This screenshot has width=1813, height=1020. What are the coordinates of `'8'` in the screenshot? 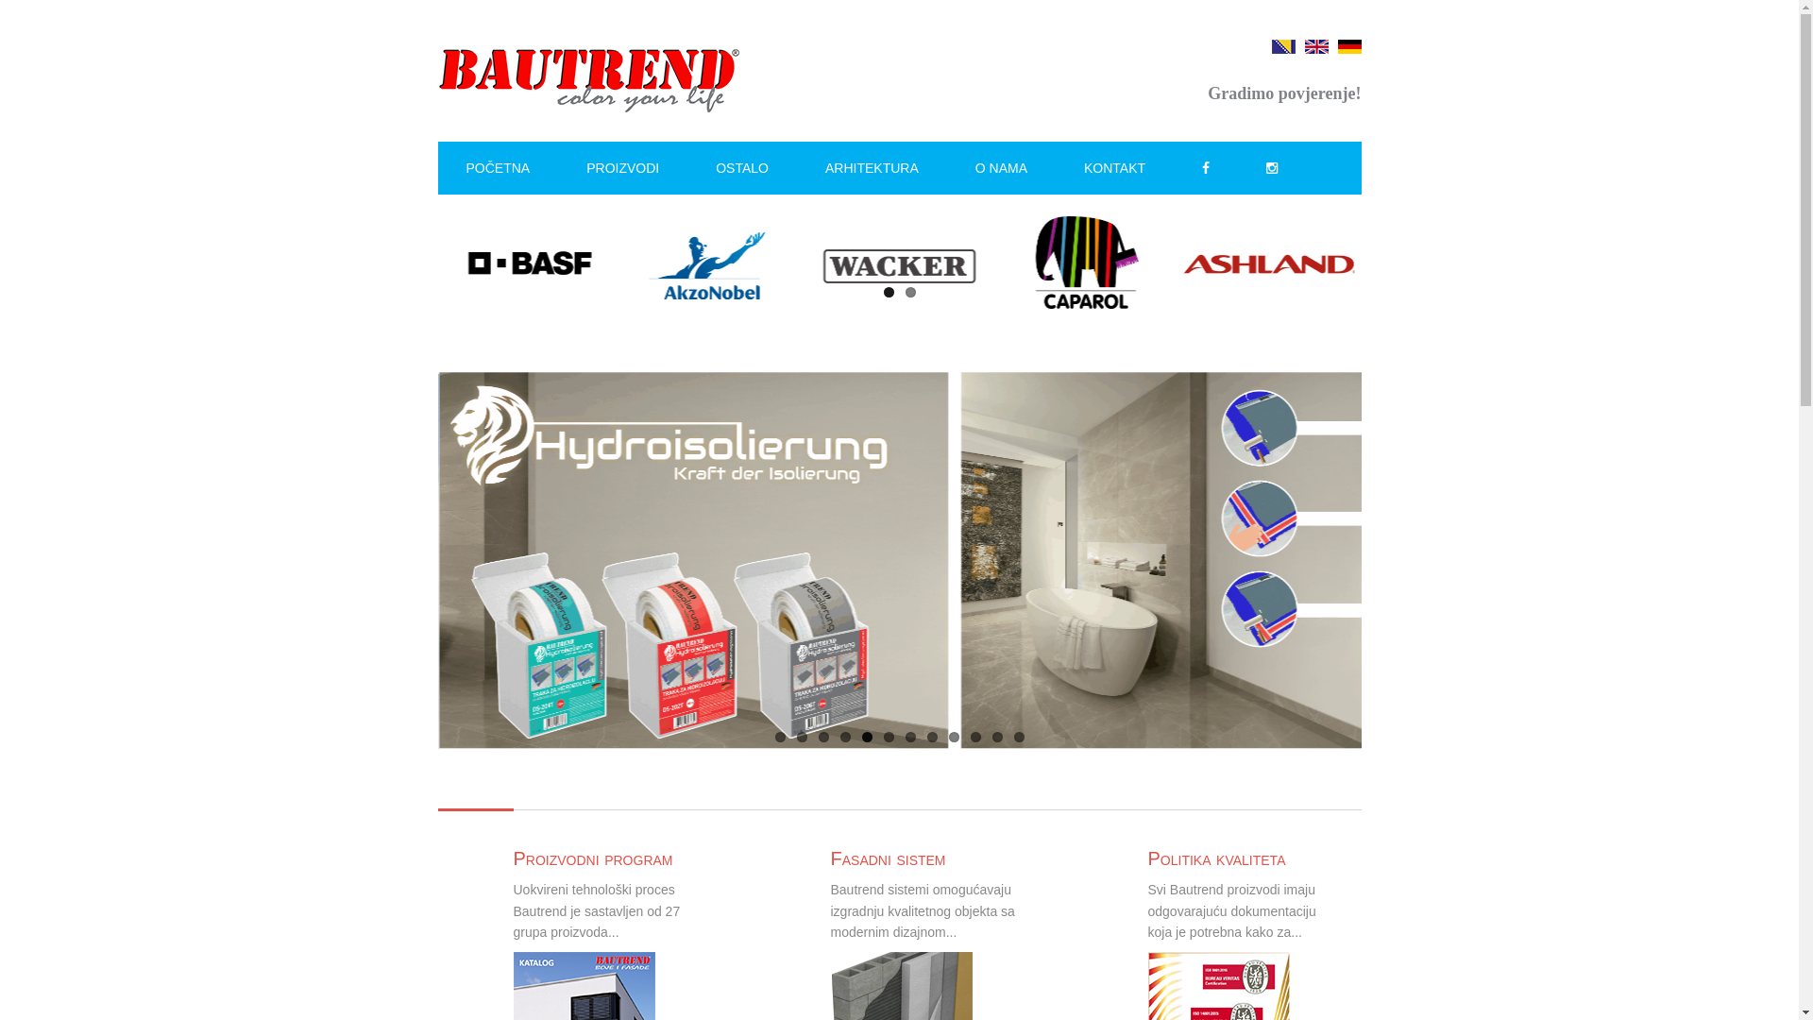 It's located at (932, 736).